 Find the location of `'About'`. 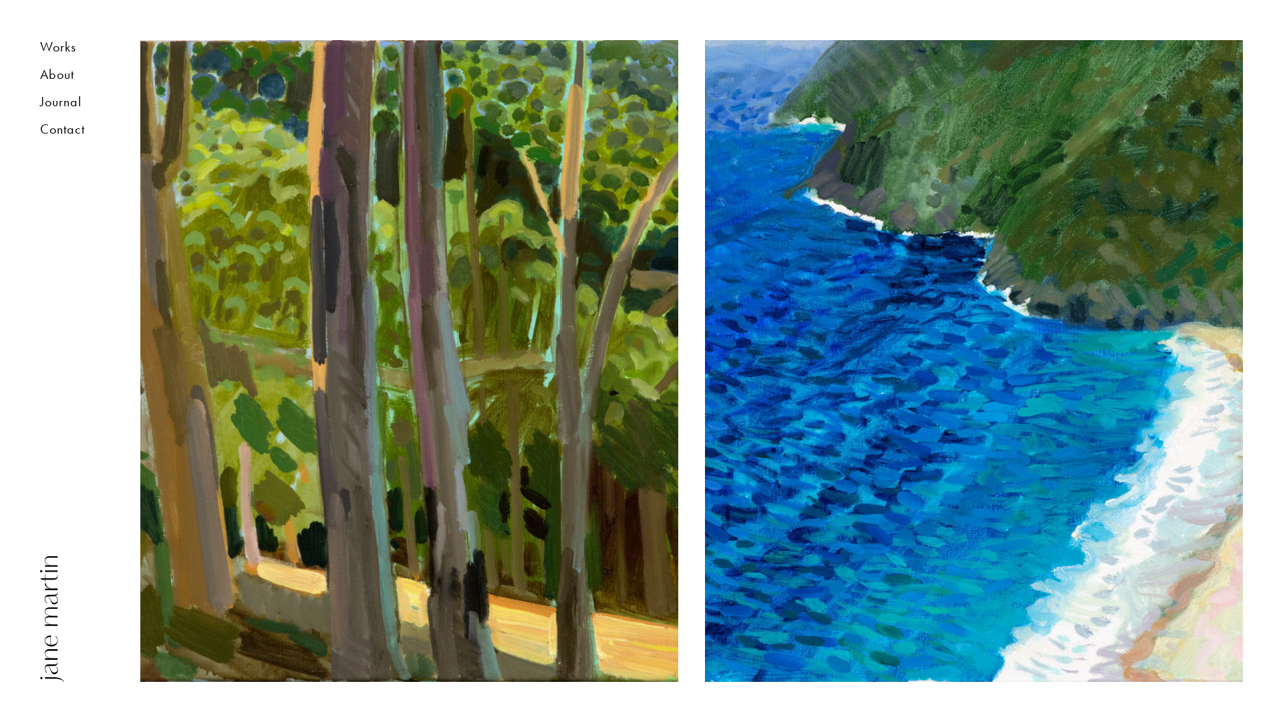

'About' is located at coordinates (69, 78).